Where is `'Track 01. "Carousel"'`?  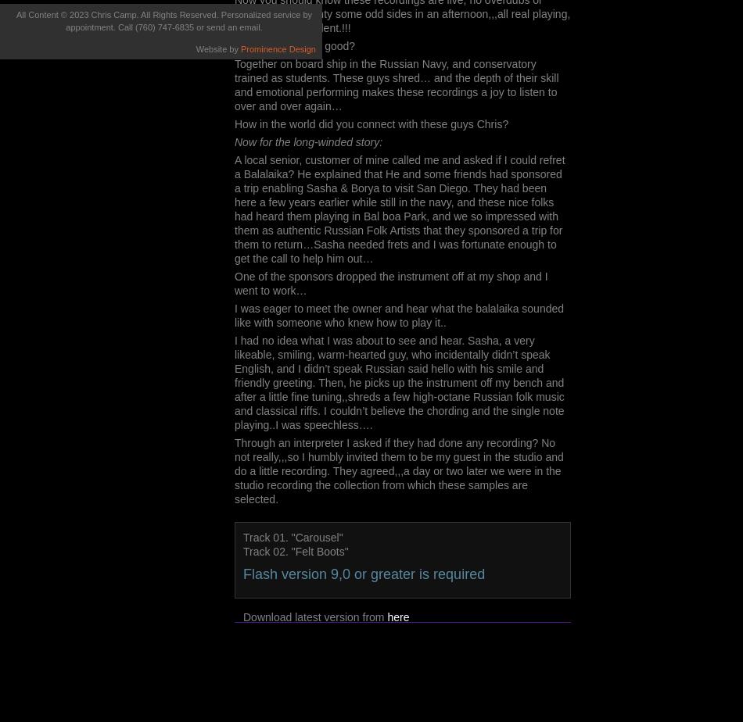
'Track 01. "Carousel"' is located at coordinates (292, 538).